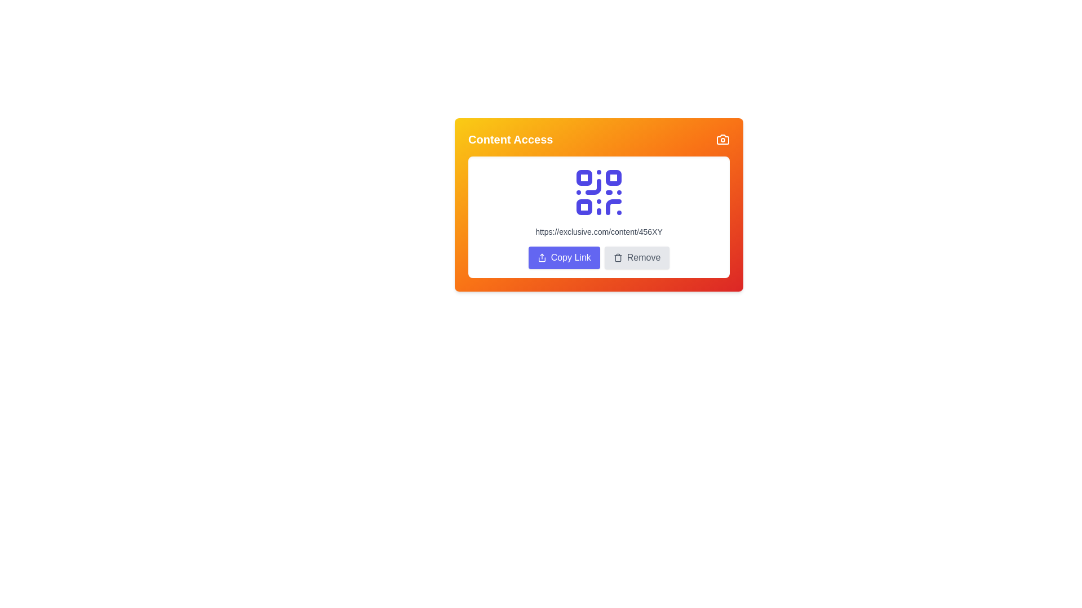  I want to click on the camera icon located in the top-right corner of the 'Content Access' card interface, characterized by its white color and orange-red gradient background, so click(722, 138).